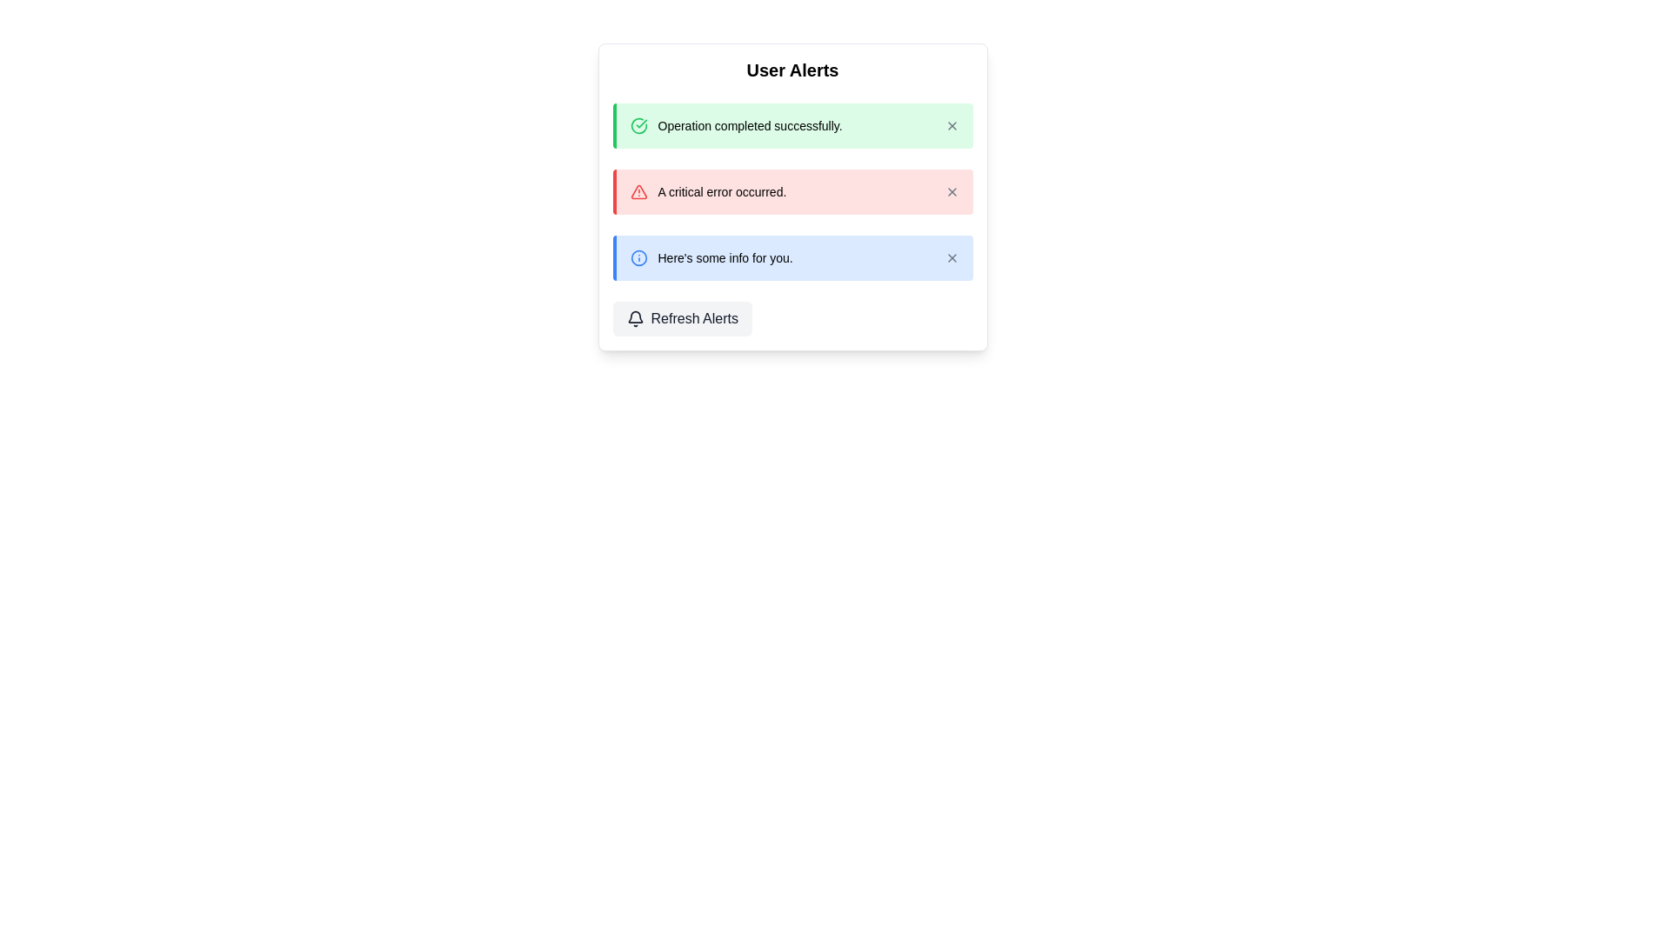 Image resolution: width=1670 pixels, height=939 pixels. What do you see at coordinates (638, 125) in the screenshot?
I see `the success icon located to the left of the text 'Operation completed successfully.' in the top notification row of the alert panel for visual feedback` at bounding box center [638, 125].